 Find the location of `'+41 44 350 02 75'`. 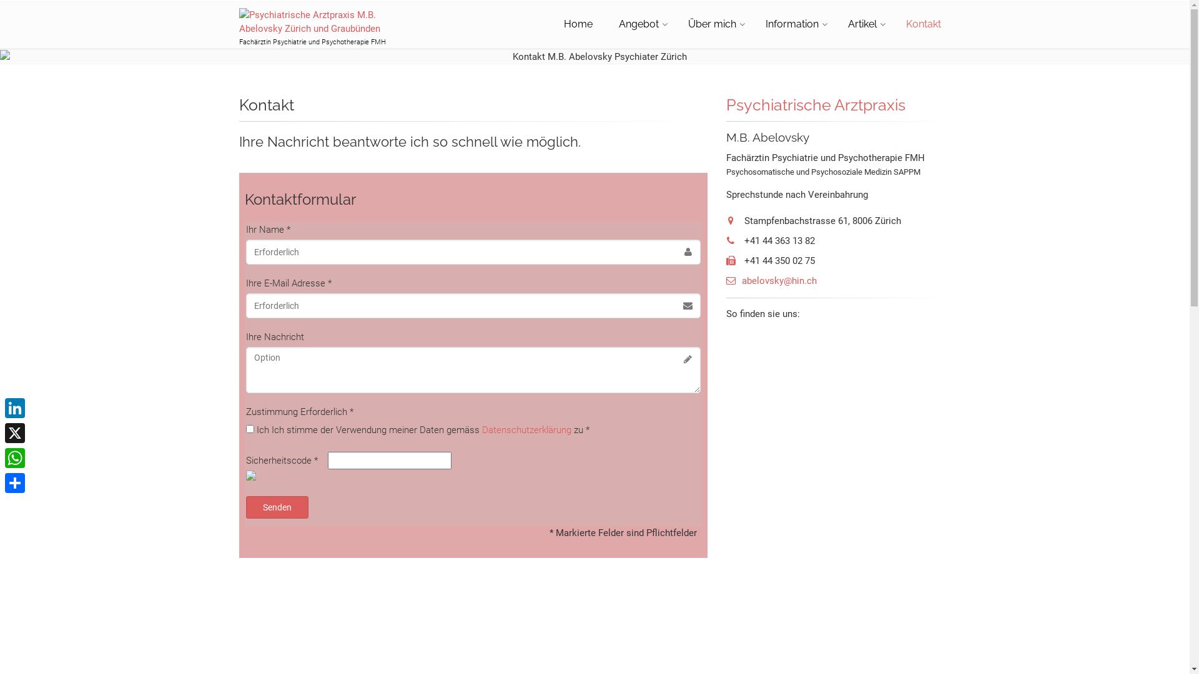

'+41 44 350 02 75' is located at coordinates (769, 260).